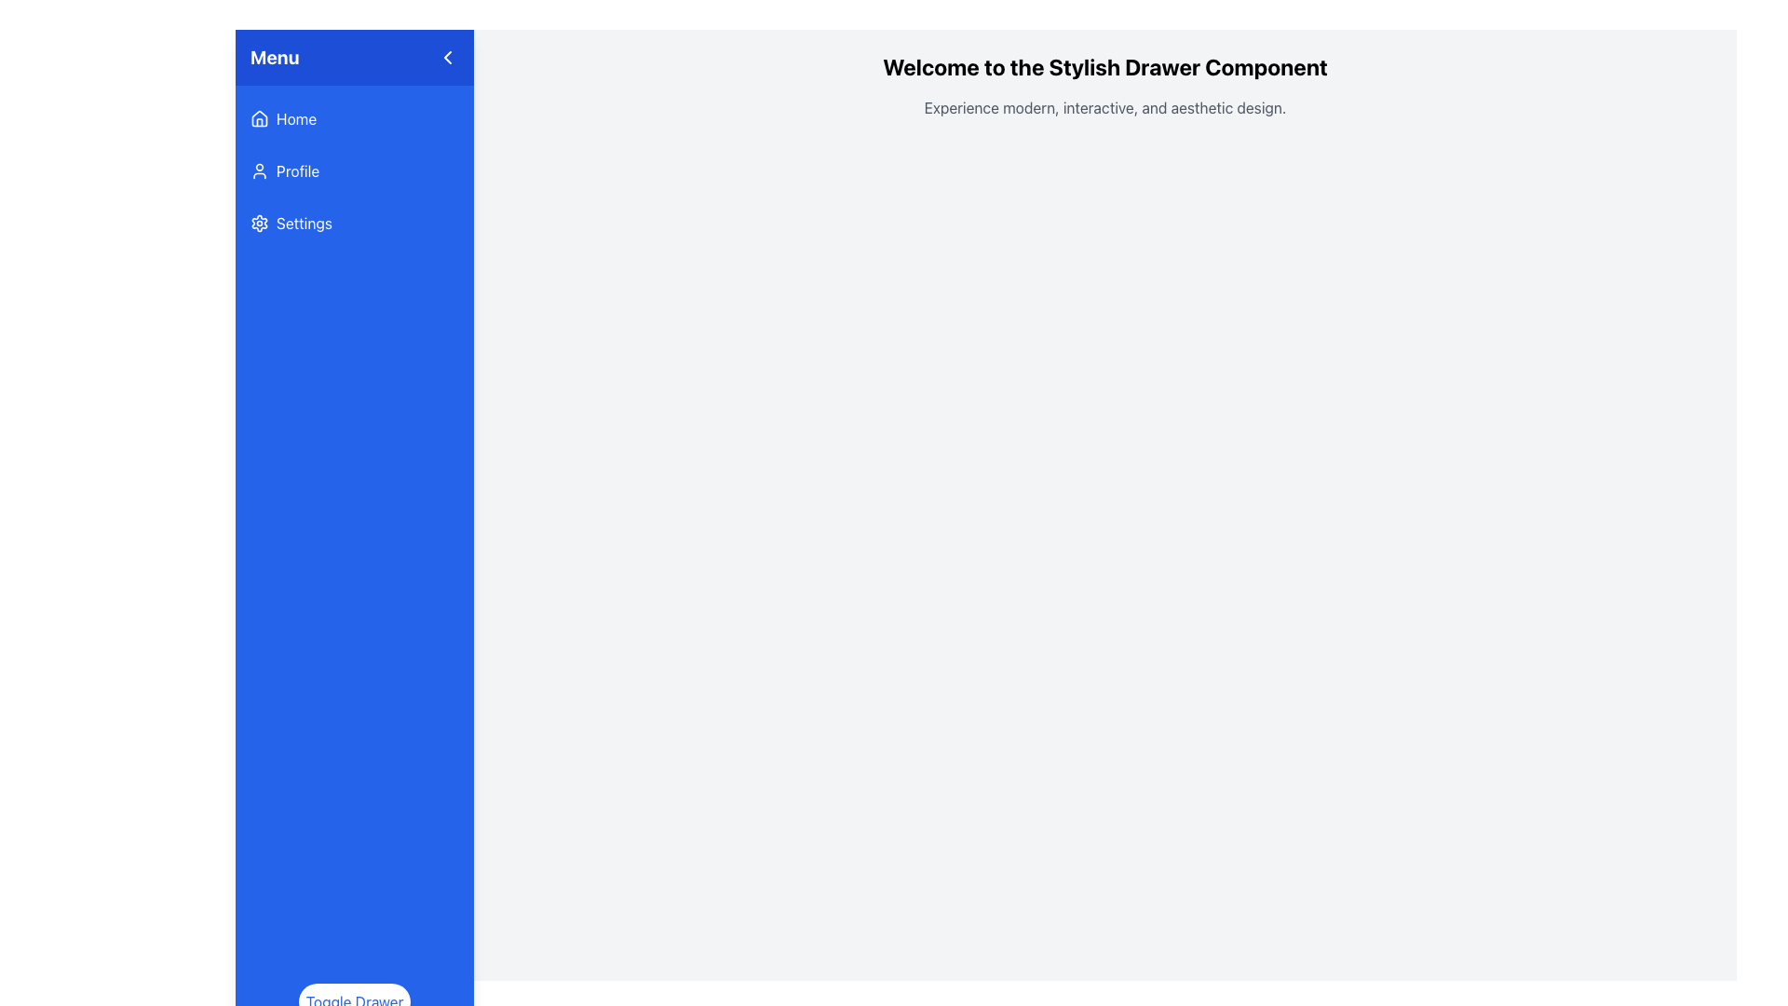 Image resolution: width=1788 pixels, height=1006 pixels. Describe the element at coordinates (258, 118) in the screenshot. I see `the 'Home' icon located to the left of the 'Home' text in the 'Menu' sidebar` at that location.